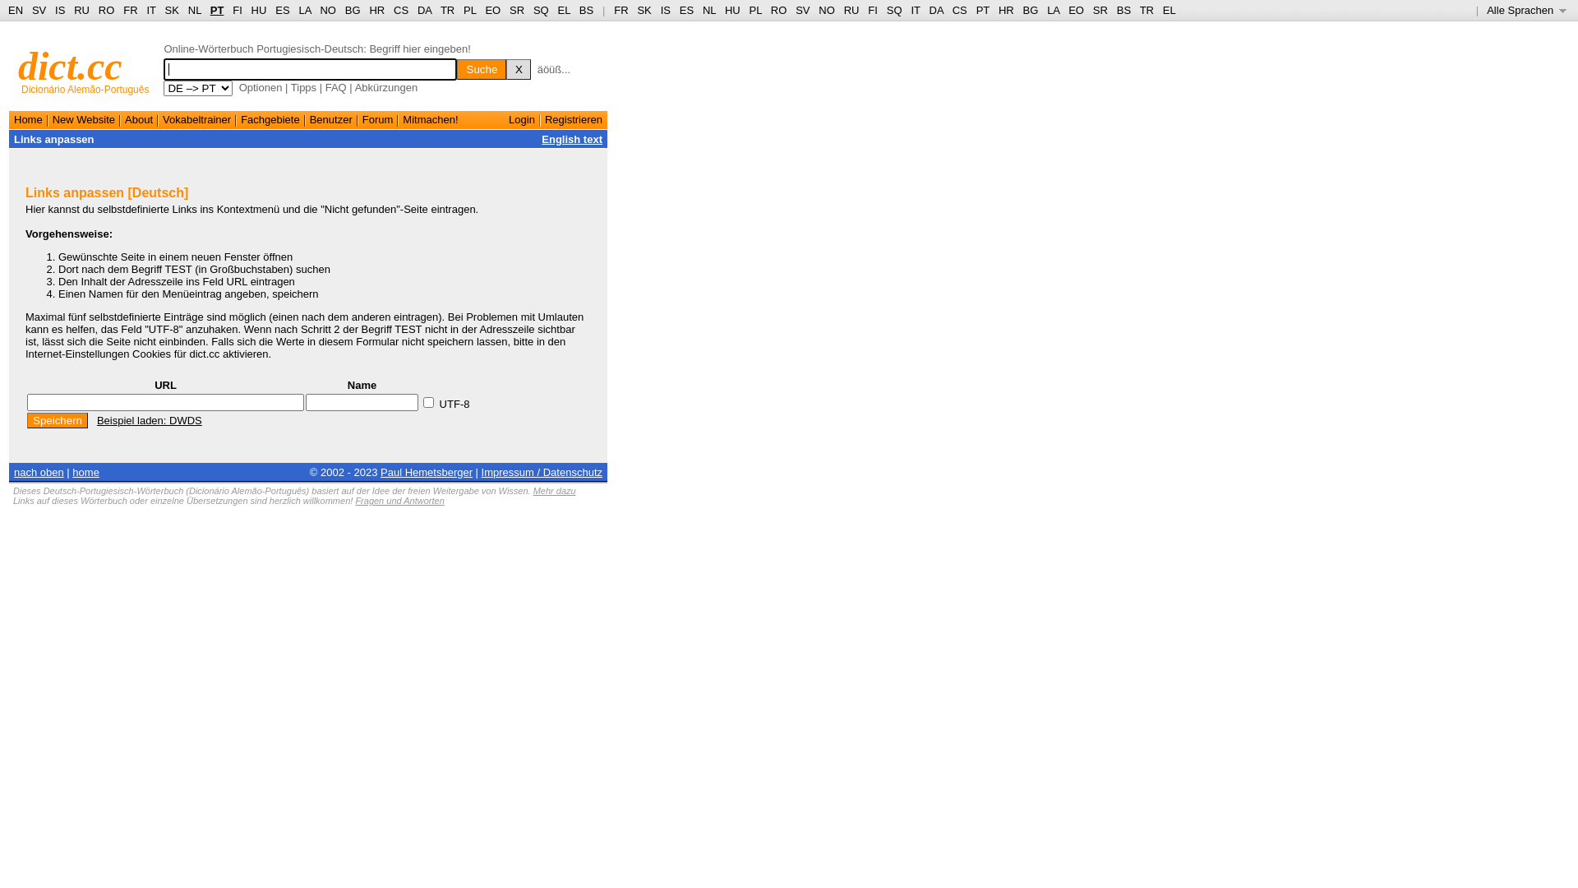 This screenshot has height=888, width=1578. I want to click on 'SR', so click(1100, 10).